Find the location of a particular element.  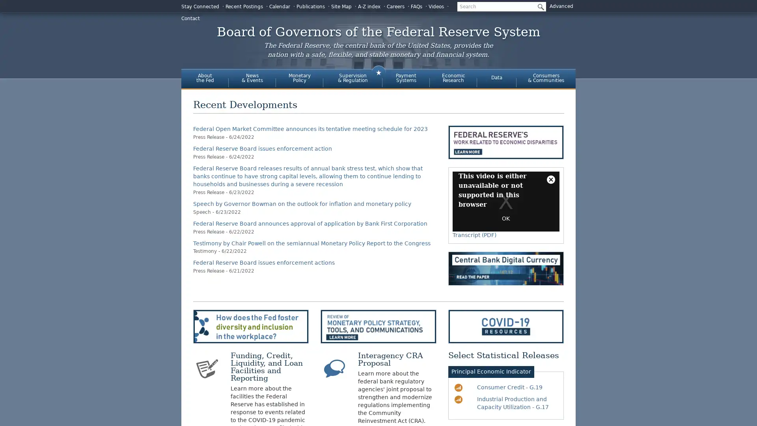

Submit Search Button is located at coordinates (539, 6).